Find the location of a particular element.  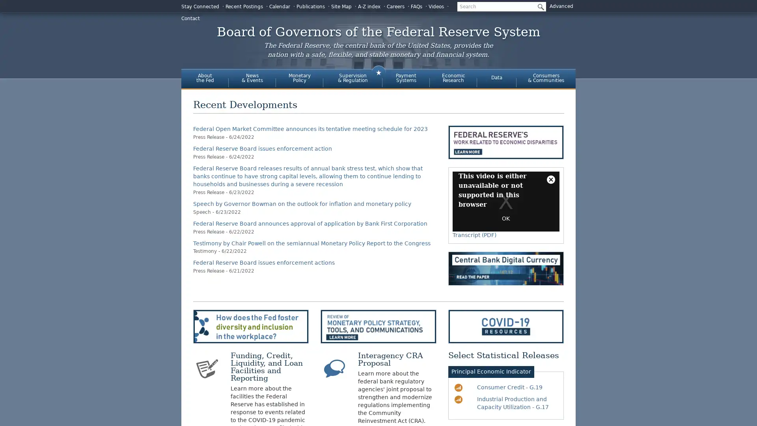

Submit Search Button is located at coordinates (539, 6).